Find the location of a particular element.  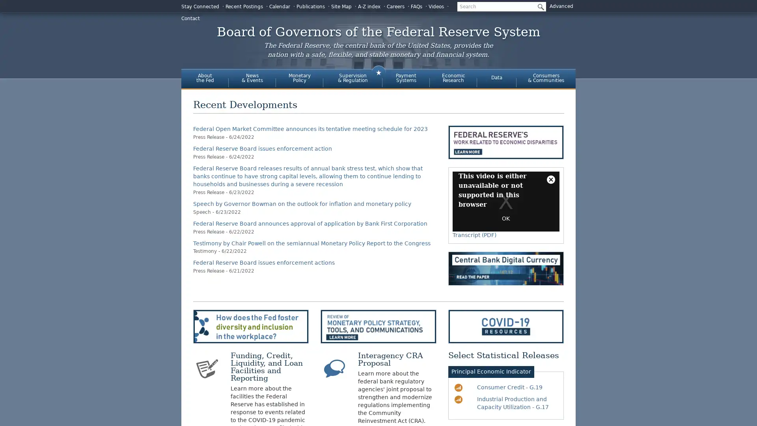

Submit Search Button is located at coordinates (539, 6).